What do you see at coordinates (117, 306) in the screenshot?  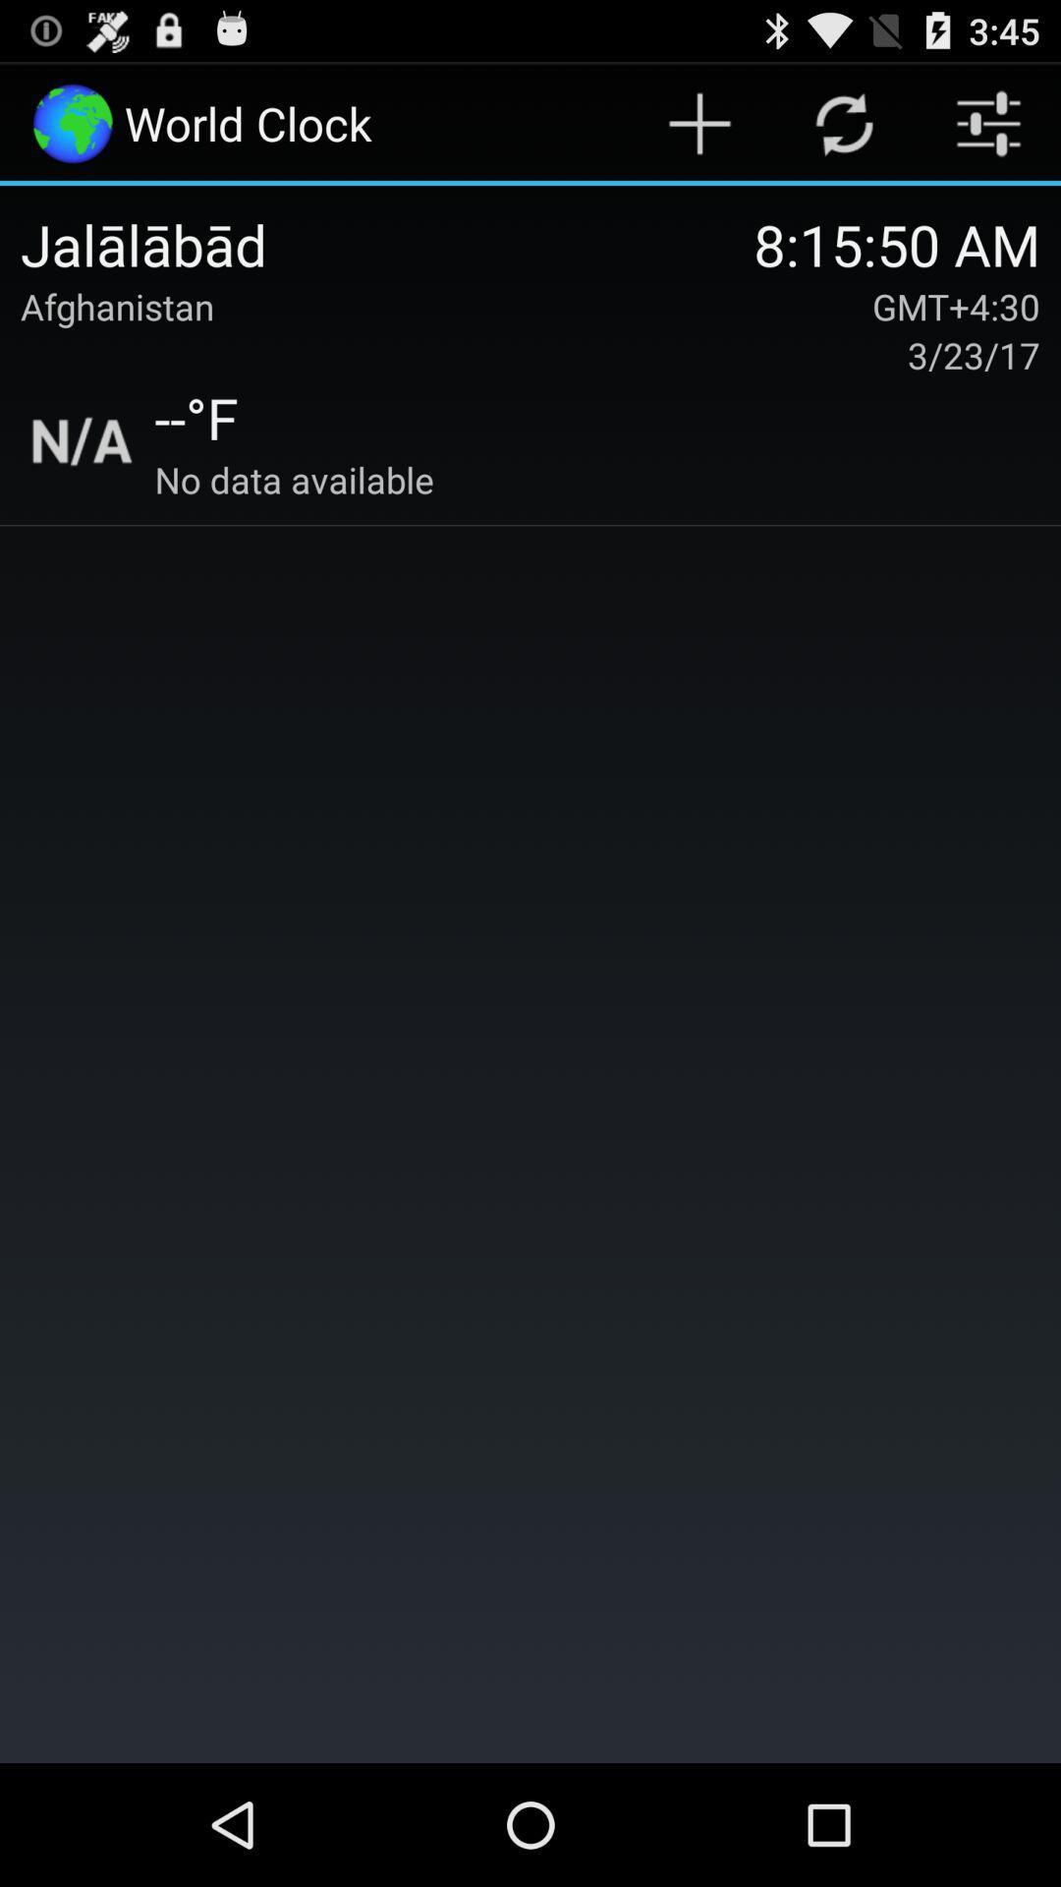 I see `item to the left of the 8 15 50 item` at bounding box center [117, 306].